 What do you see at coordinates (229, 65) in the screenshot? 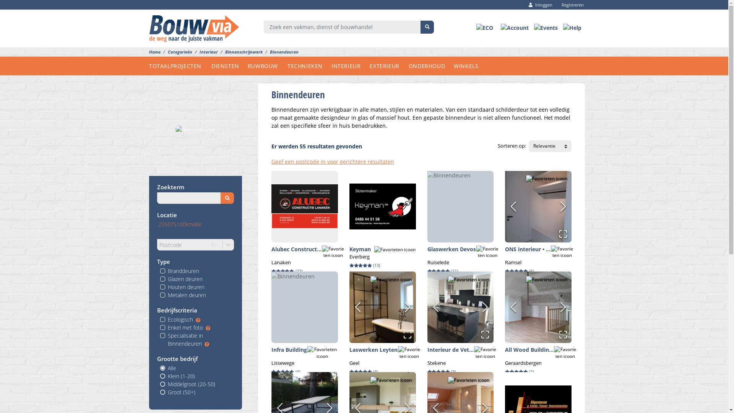
I see `'DIENSTEN'` at bounding box center [229, 65].